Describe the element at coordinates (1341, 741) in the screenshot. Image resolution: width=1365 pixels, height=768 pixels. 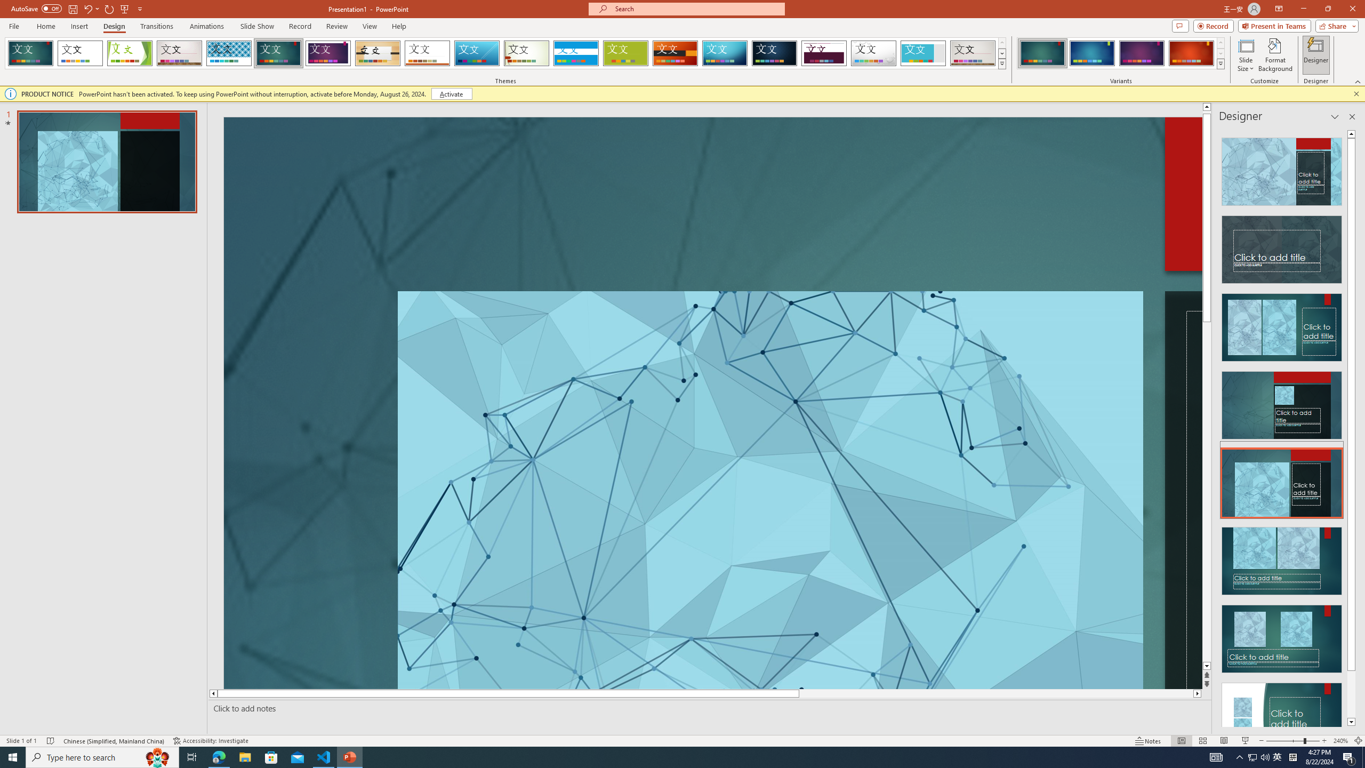
I see `'Zoom 240%'` at that location.